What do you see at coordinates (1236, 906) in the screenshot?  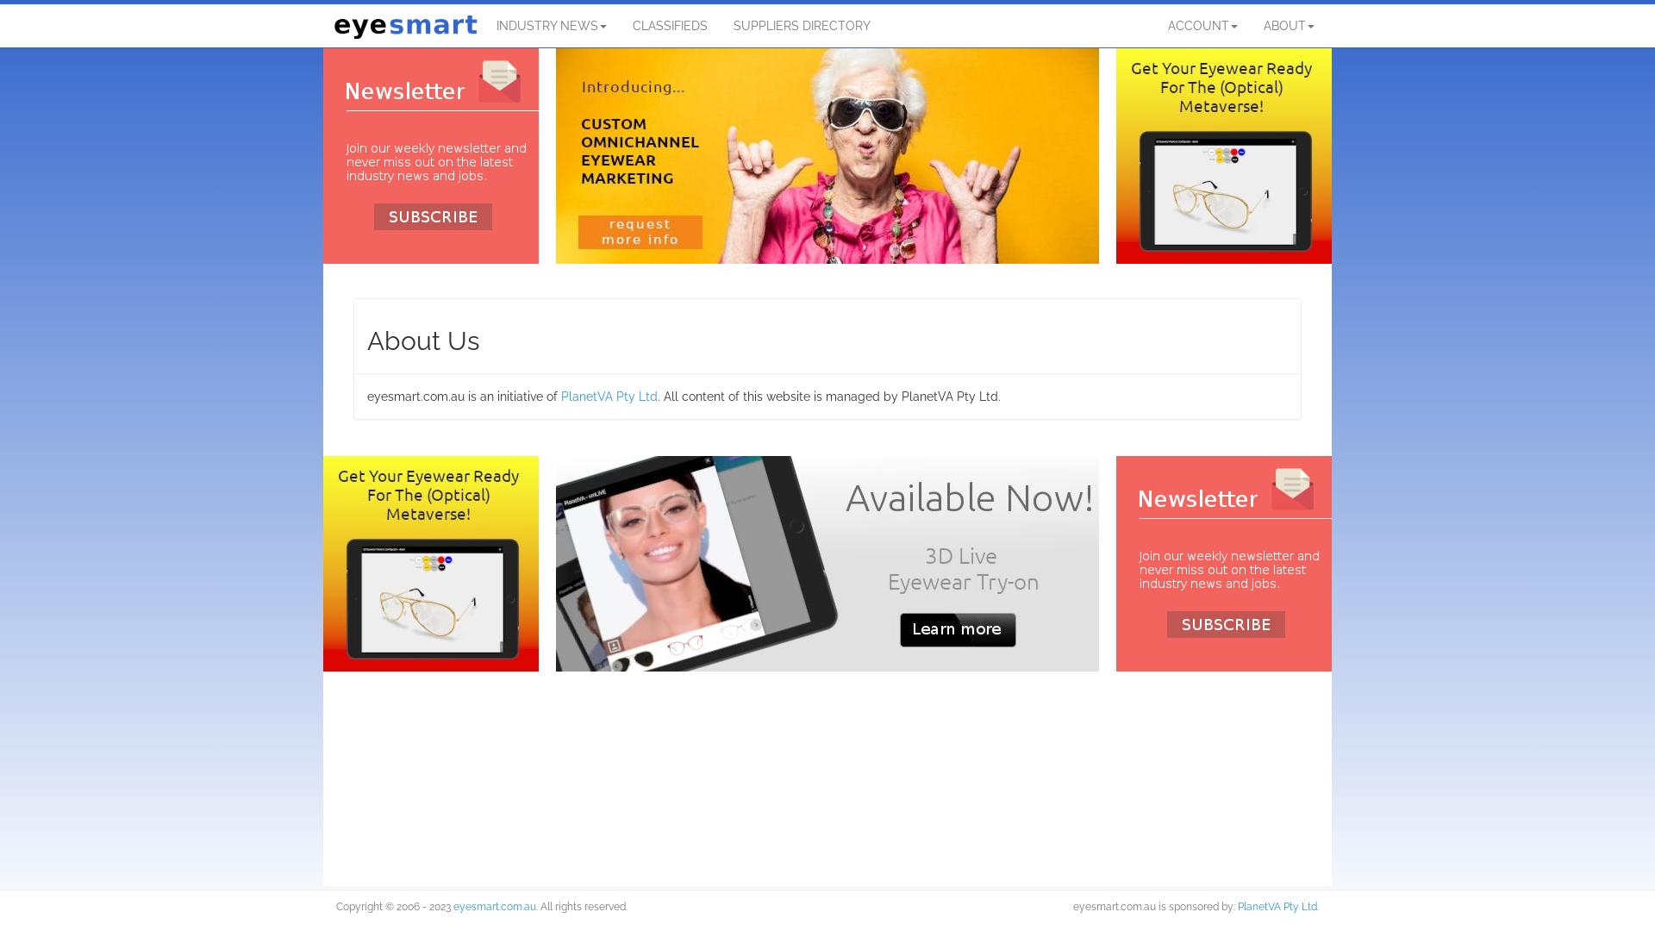 I see `'PlanetVA Pty Ltd'` at bounding box center [1236, 906].